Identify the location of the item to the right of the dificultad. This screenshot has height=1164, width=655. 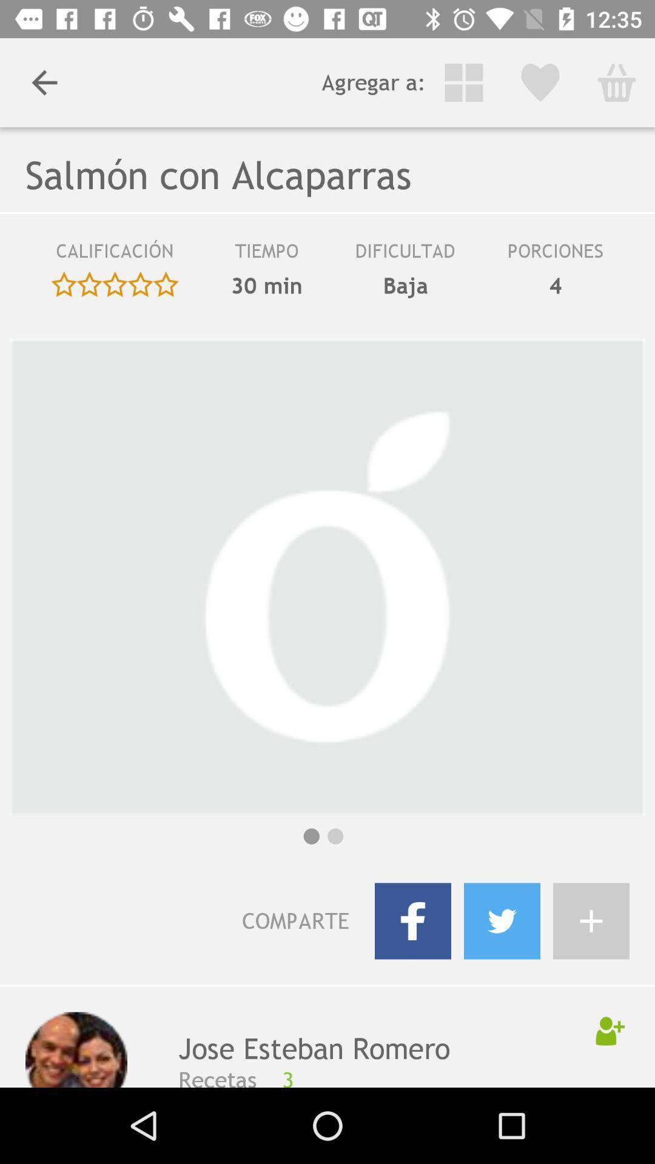
(556, 285).